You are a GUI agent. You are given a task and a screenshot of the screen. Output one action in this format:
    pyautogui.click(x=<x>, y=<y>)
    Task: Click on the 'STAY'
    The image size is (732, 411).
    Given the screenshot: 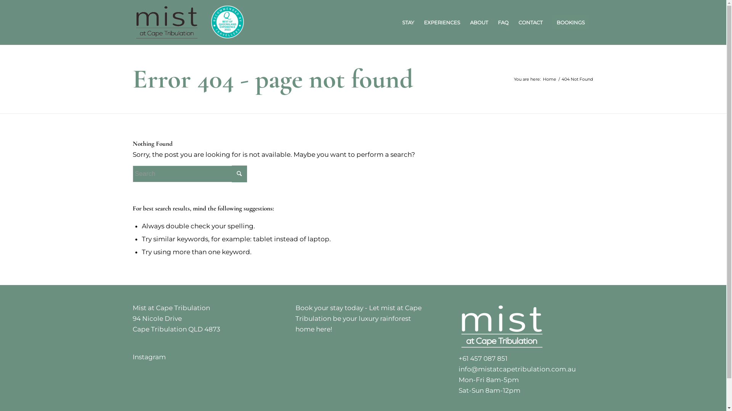 What is the action you would take?
    pyautogui.click(x=408, y=22)
    